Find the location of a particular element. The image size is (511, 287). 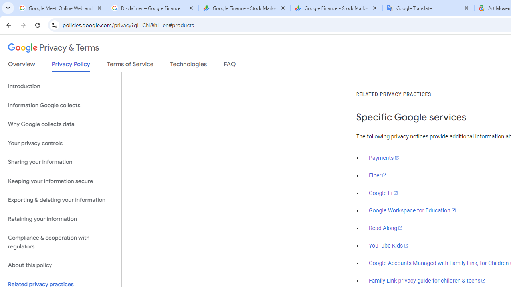

'Fiber' is located at coordinates (378, 175).